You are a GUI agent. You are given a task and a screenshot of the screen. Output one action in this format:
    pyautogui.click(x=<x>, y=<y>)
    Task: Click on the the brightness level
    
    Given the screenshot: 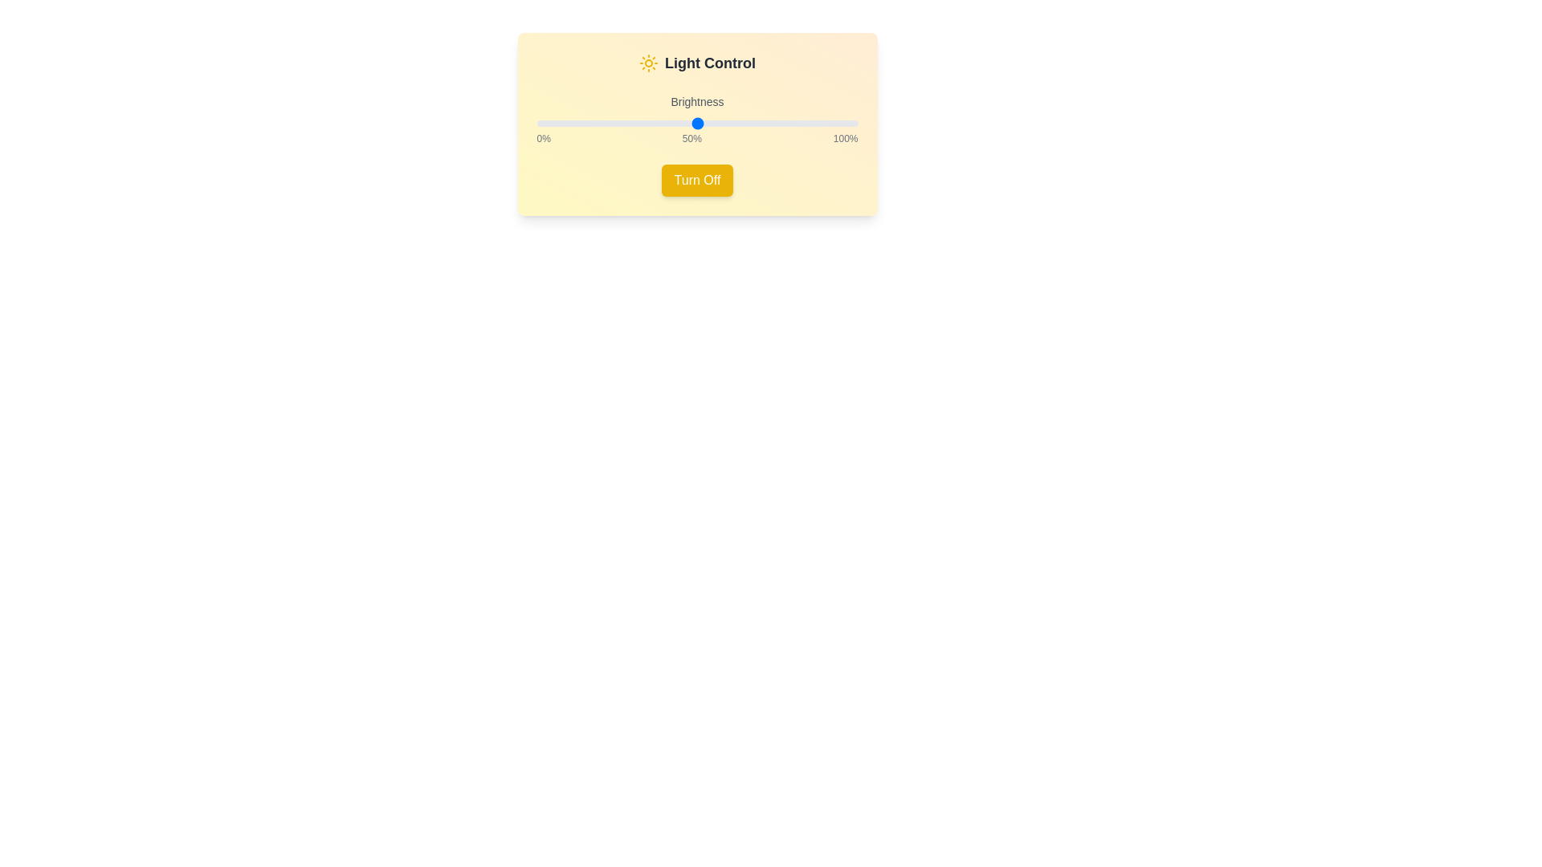 What is the action you would take?
    pyautogui.click(x=728, y=123)
    